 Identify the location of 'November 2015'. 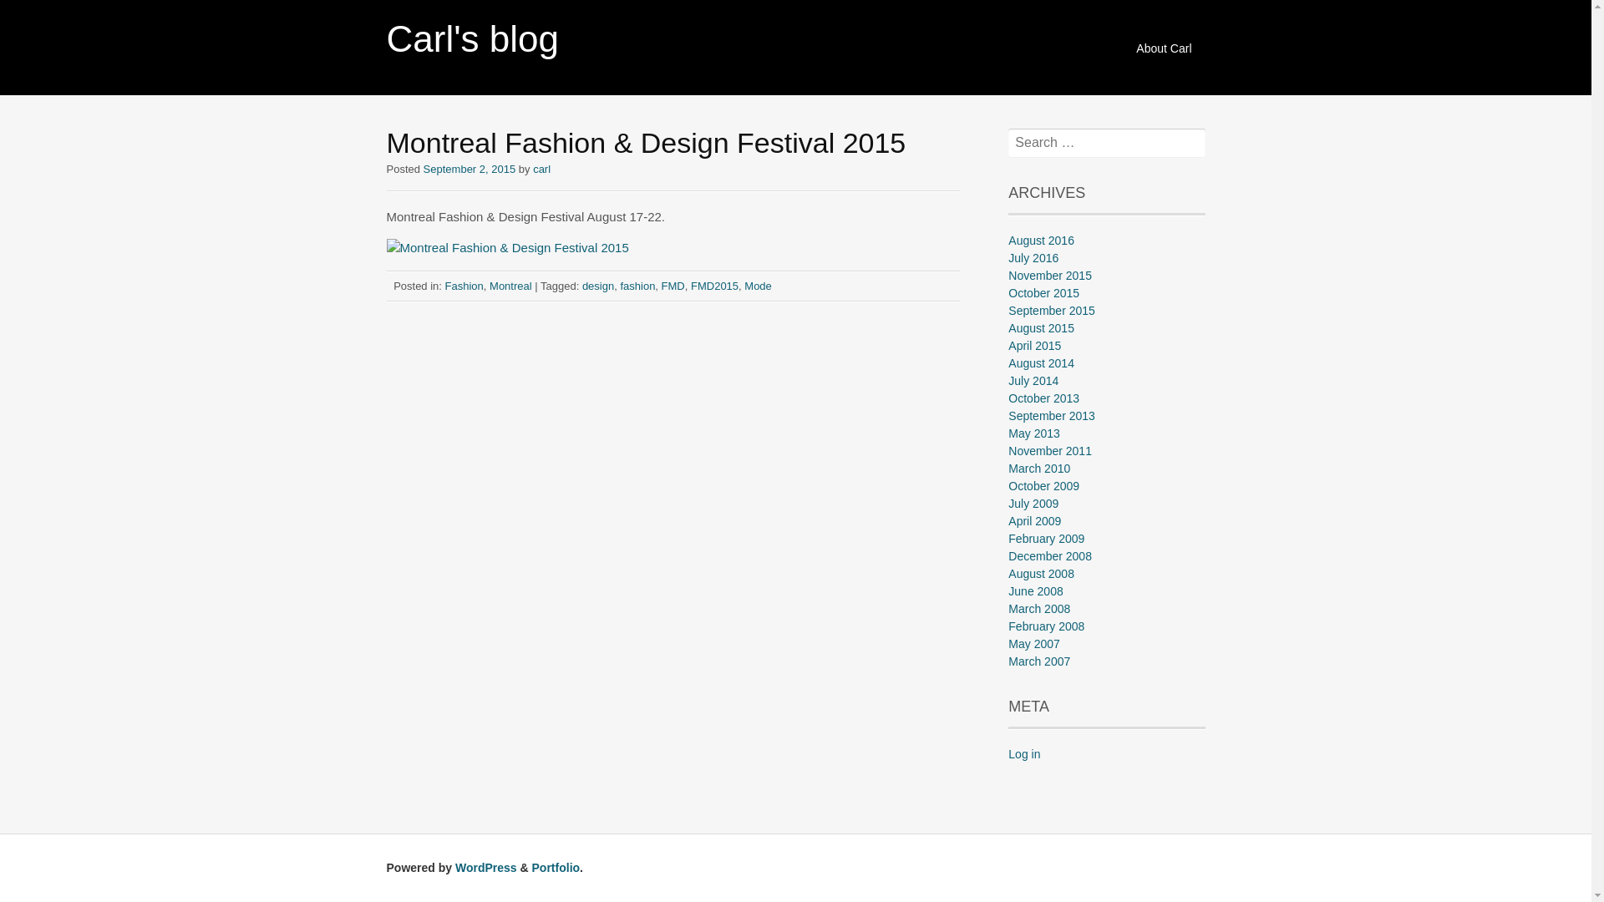
(1049, 275).